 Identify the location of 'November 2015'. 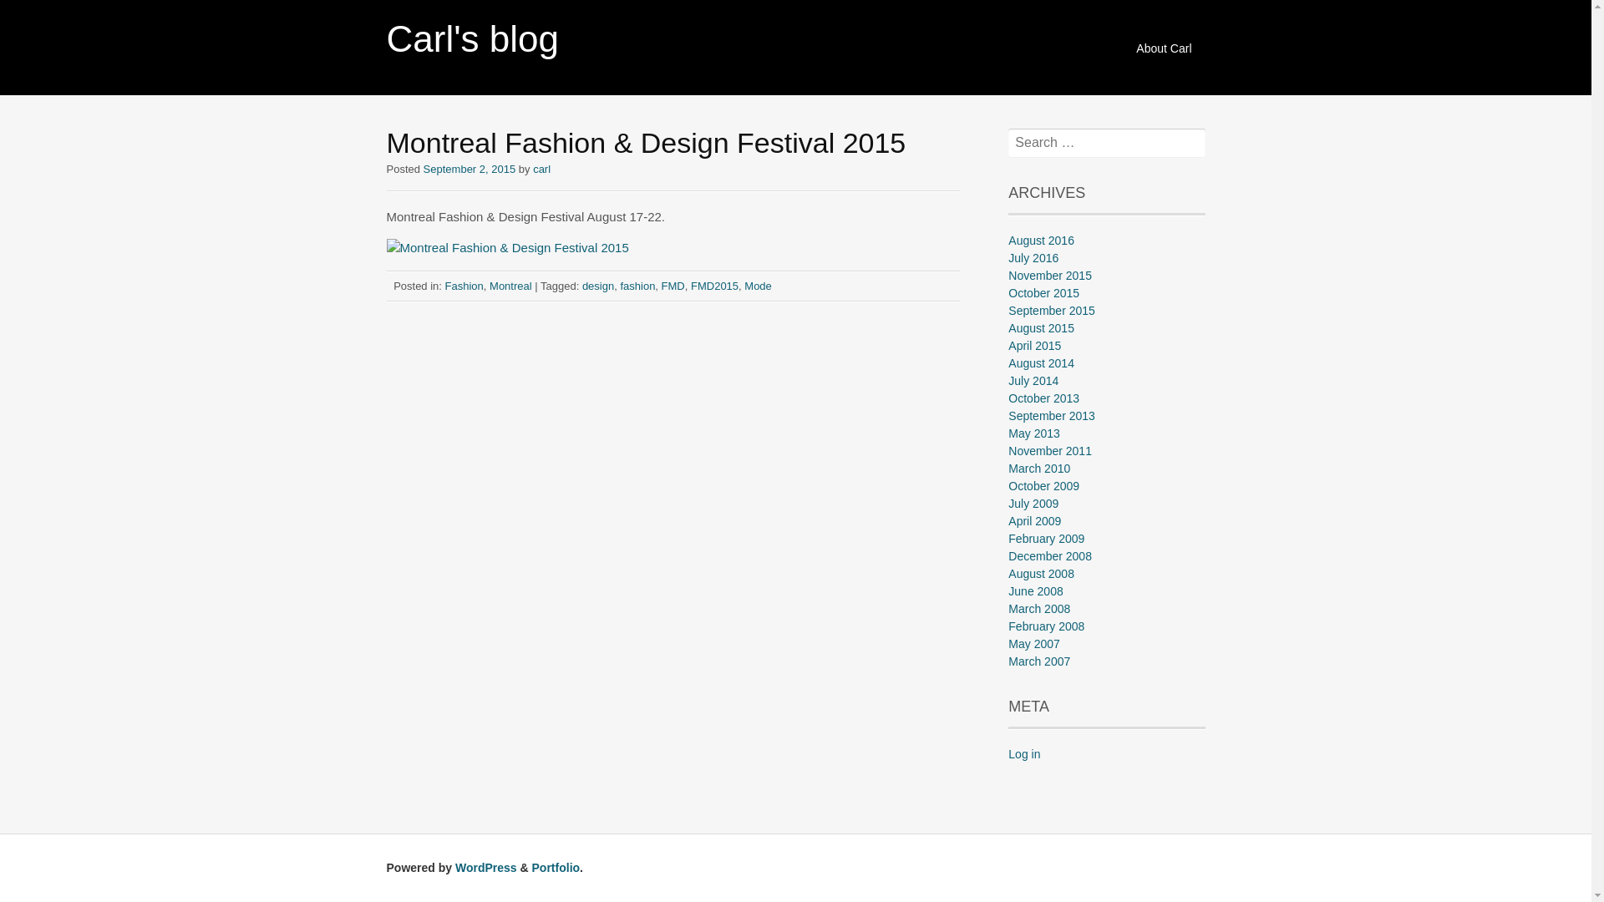
(1049, 275).